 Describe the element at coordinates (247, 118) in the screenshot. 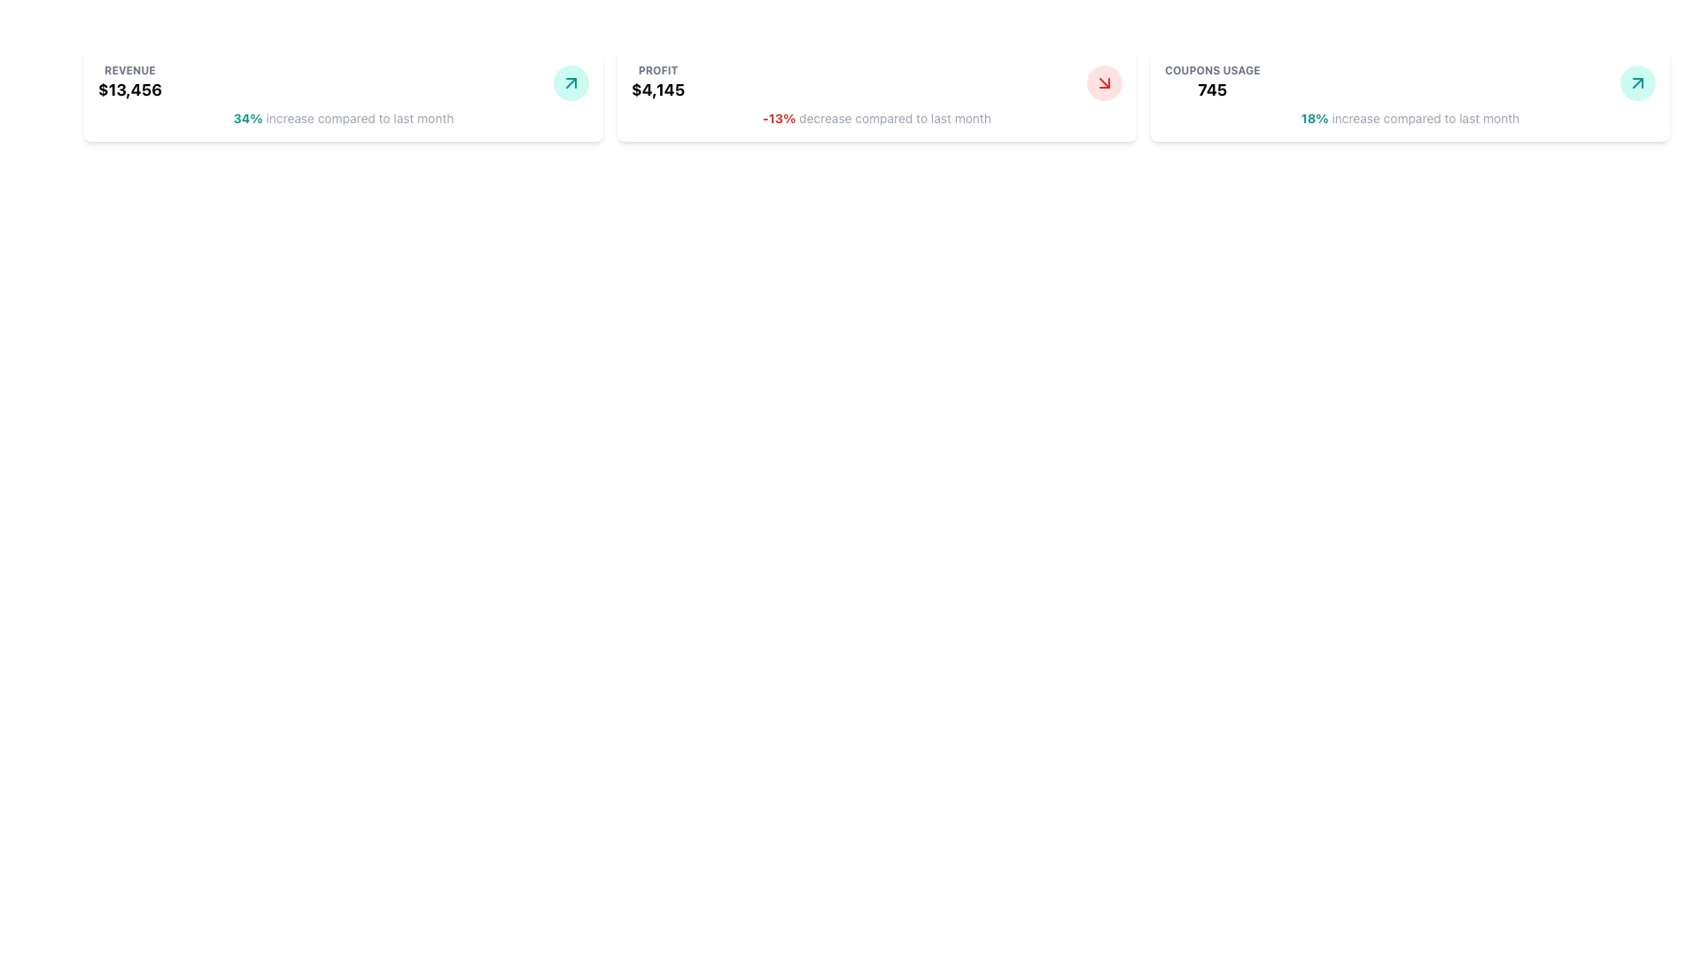

I see `the text element indicating a 34% increase in revenue located under the '$13,456' revenue value within the 'REVENUE' card` at that location.